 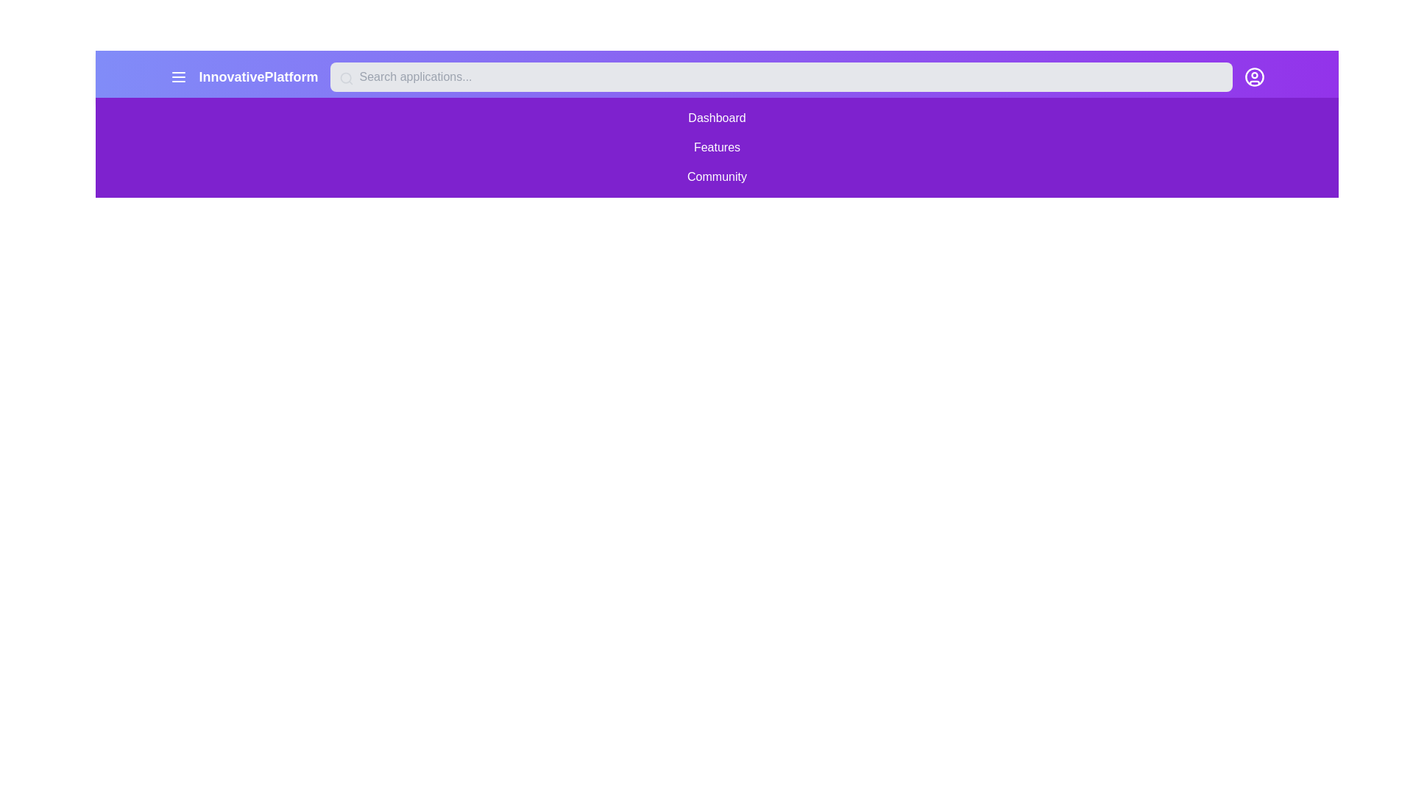 What do you see at coordinates (717, 118) in the screenshot?
I see `the menu item Dashboard from the open menu` at bounding box center [717, 118].